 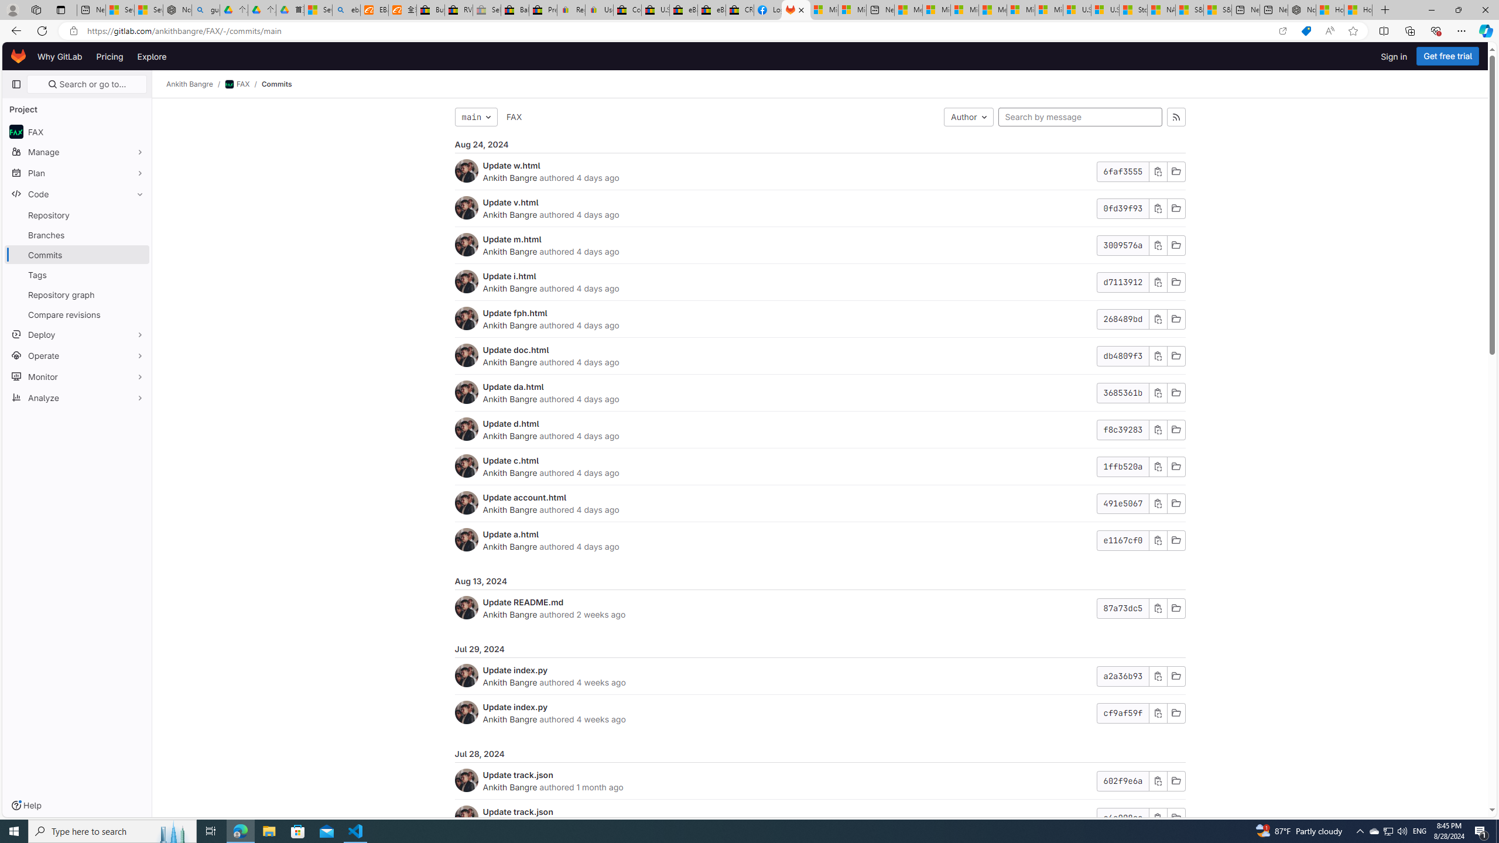 What do you see at coordinates (19, 56) in the screenshot?
I see `'Homepage'` at bounding box center [19, 56].